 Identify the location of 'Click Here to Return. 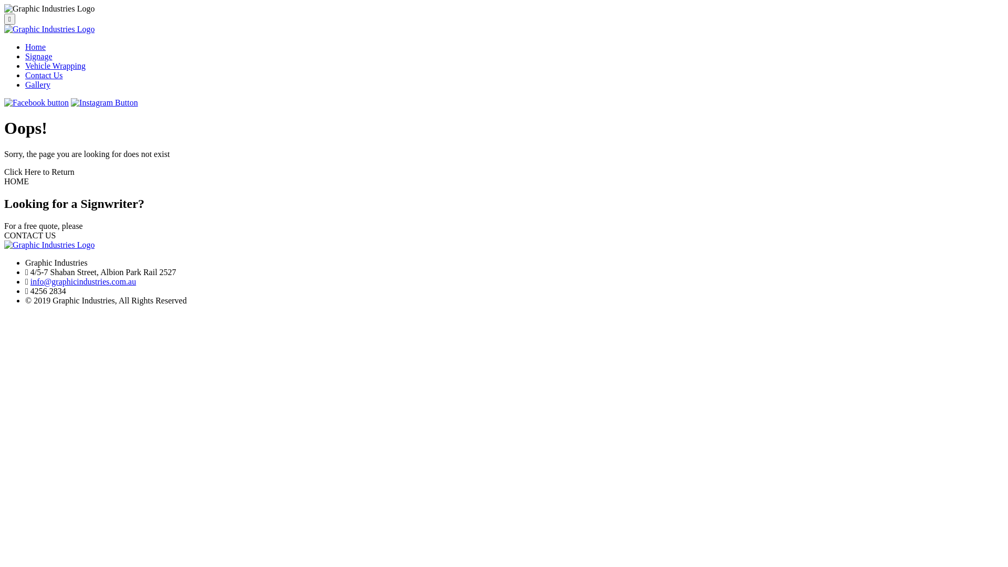
(504, 176).